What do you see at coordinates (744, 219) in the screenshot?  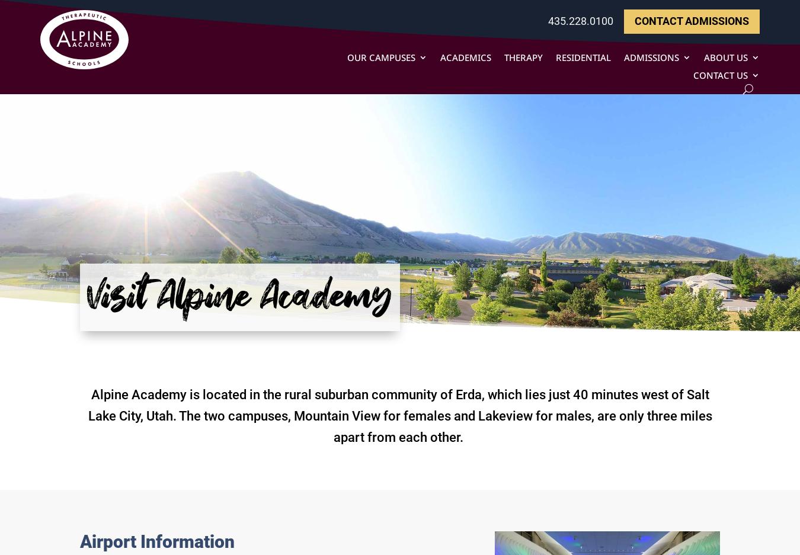 I see `'Affiliates'` at bounding box center [744, 219].